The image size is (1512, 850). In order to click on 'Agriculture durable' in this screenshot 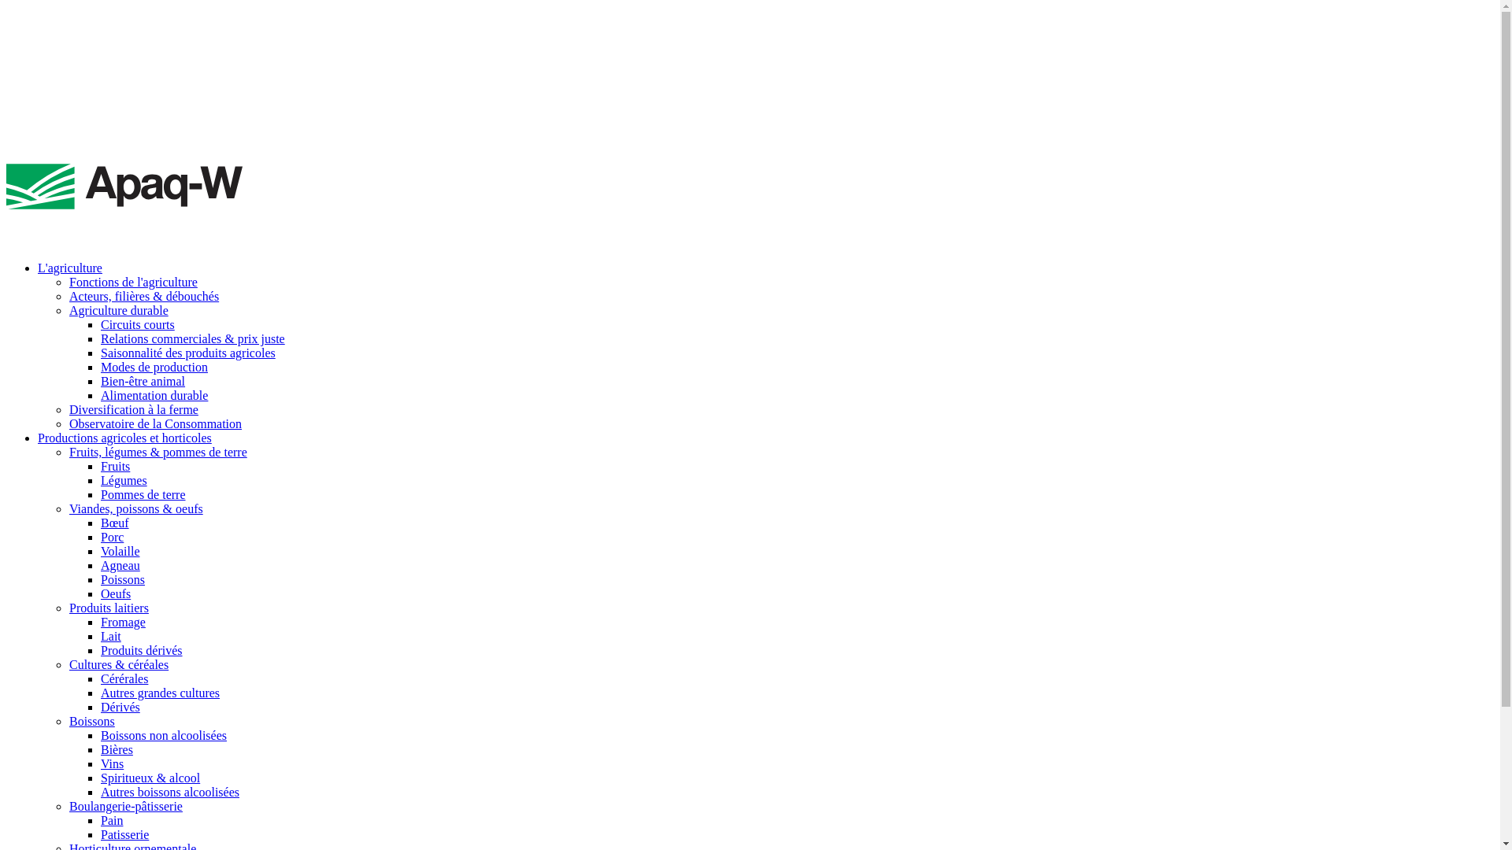, I will do `click(117, 310)`.